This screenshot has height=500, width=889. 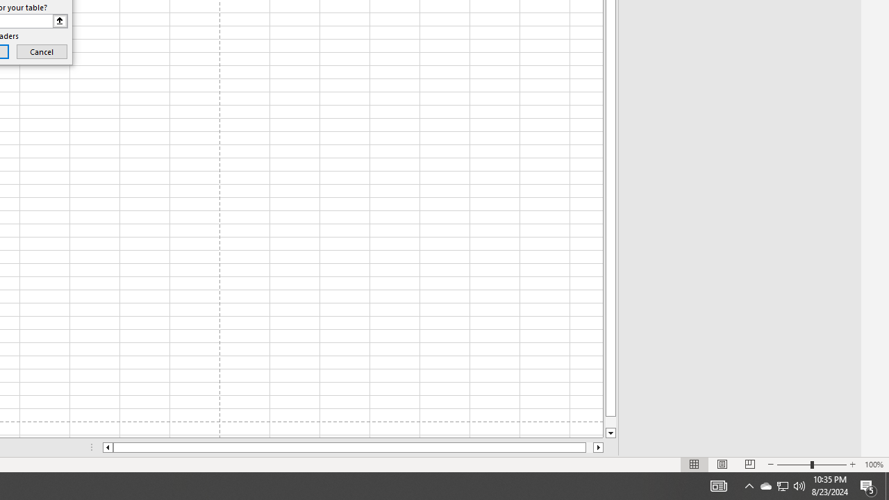 I want to click on 'Page Break Preview', so click(x=749, y=465).